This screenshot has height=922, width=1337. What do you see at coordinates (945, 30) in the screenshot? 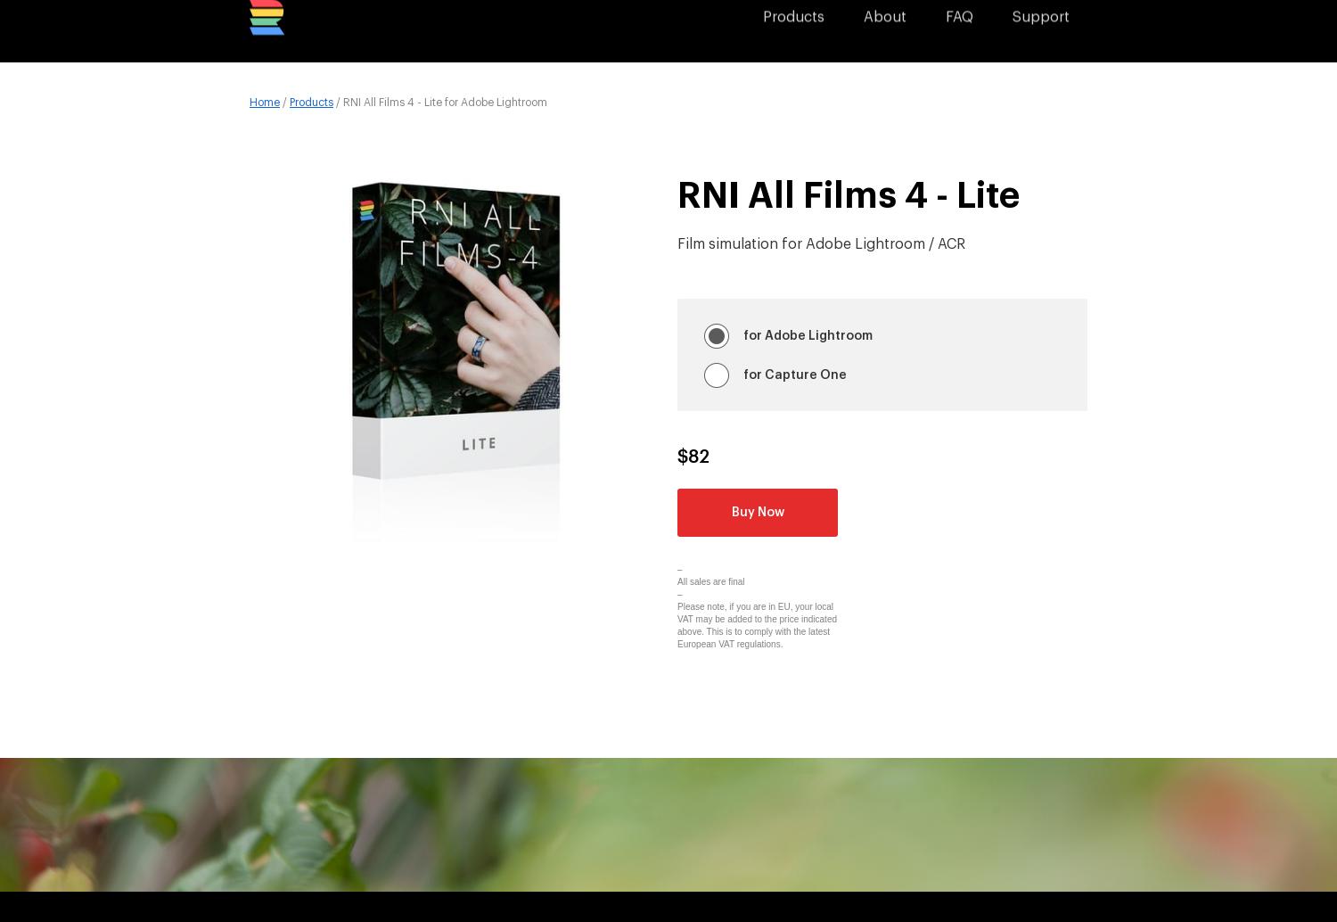
I see `'FAQ'` at bounding box center [945, 30].